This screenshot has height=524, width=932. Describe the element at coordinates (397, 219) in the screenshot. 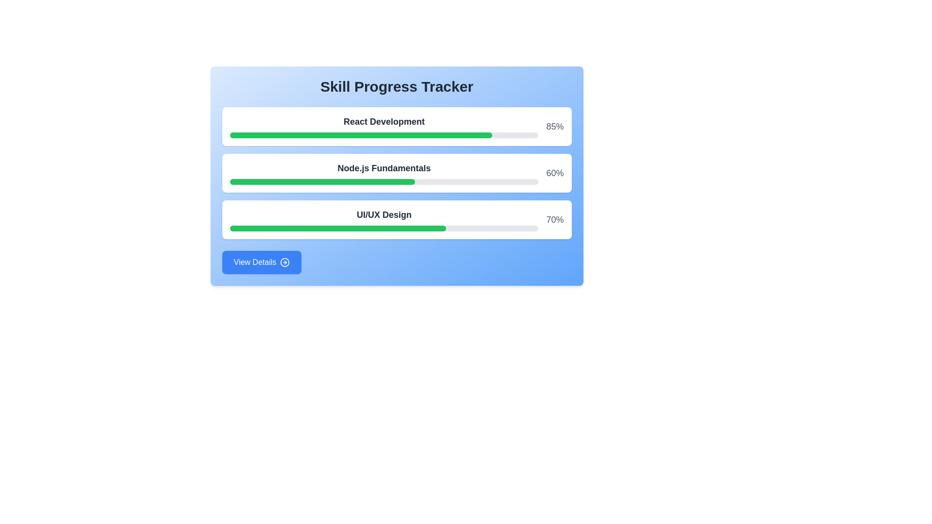

I see `the displayed information on the Progress Tracker Card for the 'UI/UX Design' skill, which is the third card in a vertical list of progress trackers` at that location.